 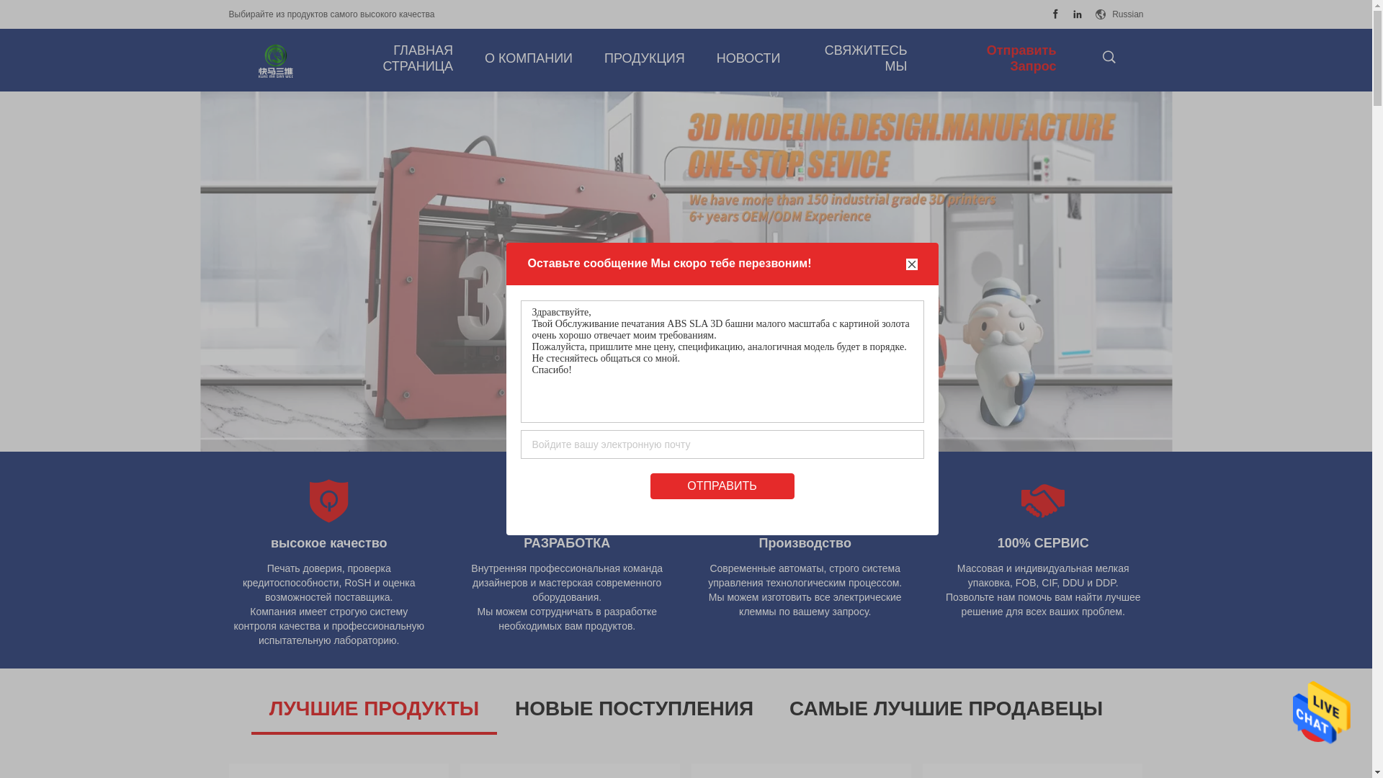 I want to click on 'Guangdong Kuaima Sanwei Technology Co., Ltd. LinkedIn', so click(x=1078, y=14).